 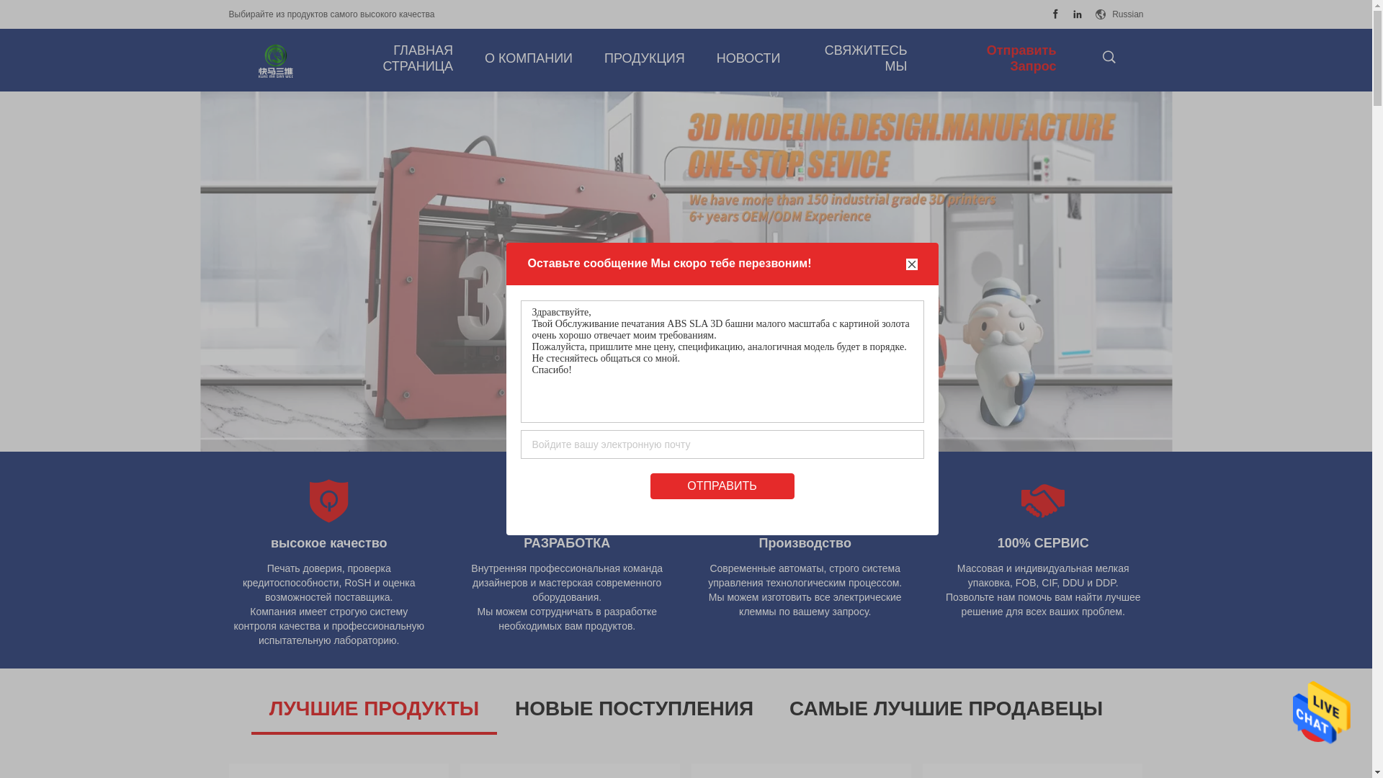 I want to click on 'Guangdong Kuaima Sanwei Technology Co., Ltd. LinkedIn', so click(x=1078, y=14).